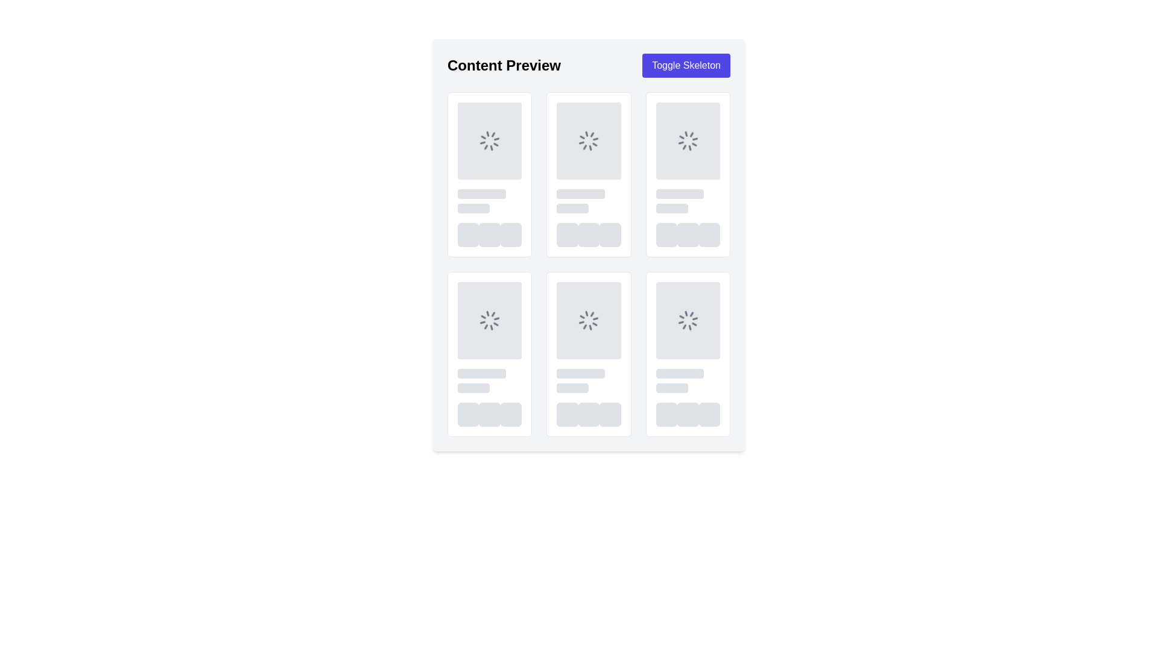 This screenshot has height=651, width=1158. I want to click on the leftmost Placeholder element with a gray background and rounded corners that features a pulsing animation in the second row of the grid, so click(467, 414).